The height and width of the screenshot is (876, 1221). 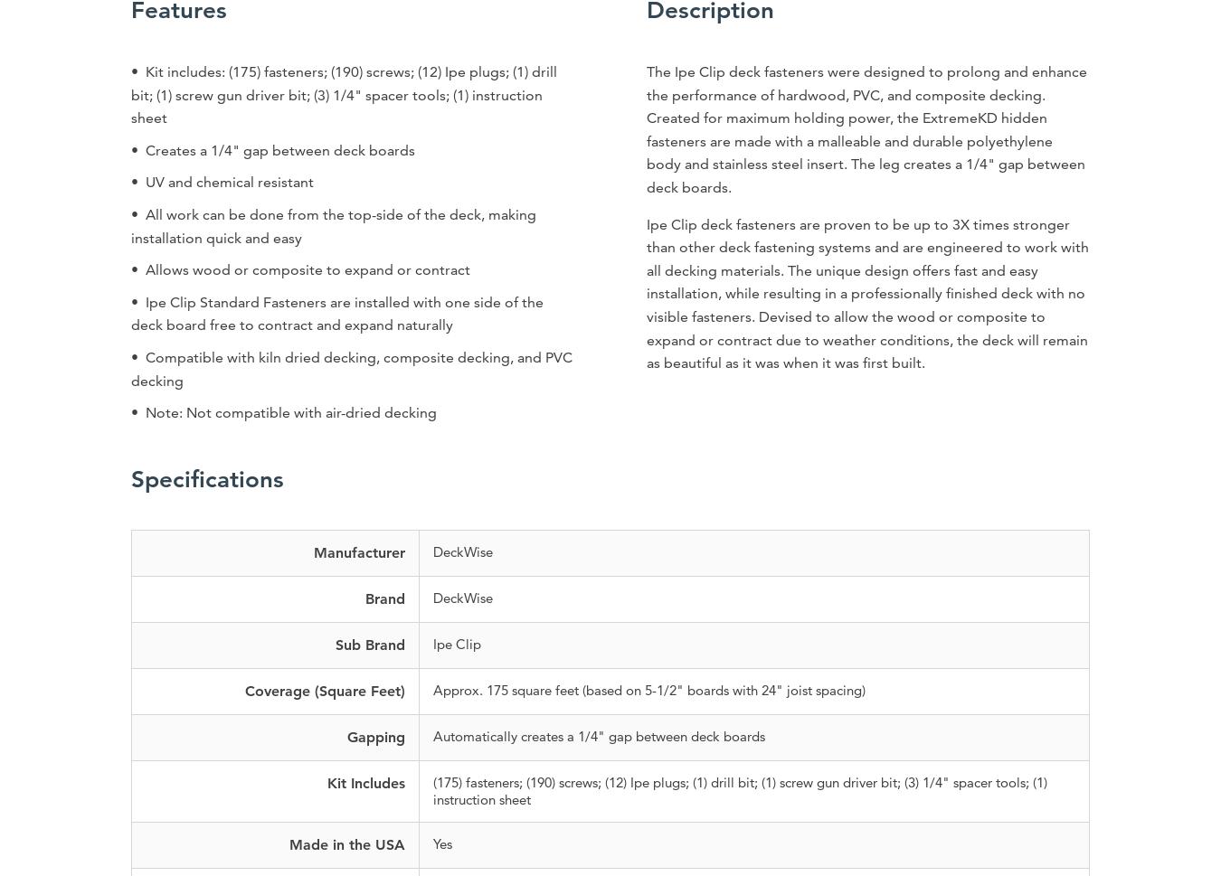 I want to click on 'Approx. 175 square feet (based on 5-1/2" boards with 24" joist spacing)', so click(x=431, y=688).